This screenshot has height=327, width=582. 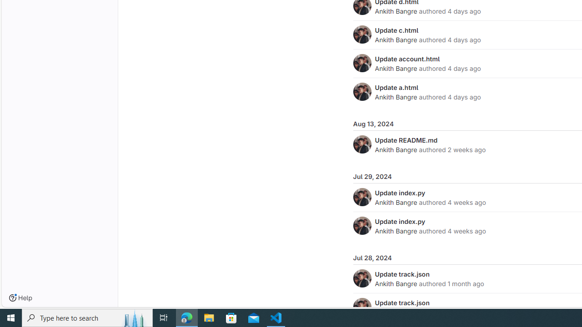 I want to click on 'Help', so click(x=20, y=297).